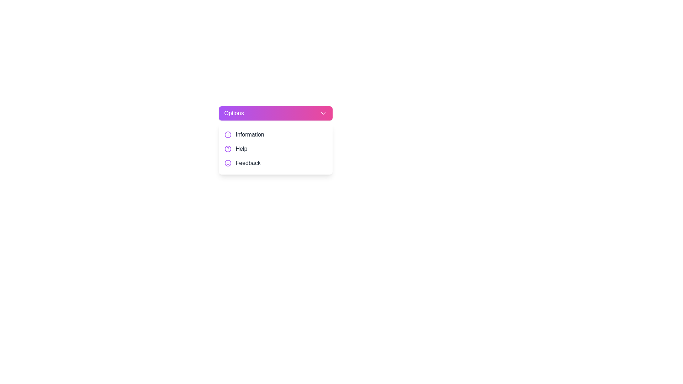 The width and height of the screenshot is (683, 384). What do you see at coordinates (250, 134) in the screenshot?
I see `the 'Information' text label` at bounding box center [250, 134].